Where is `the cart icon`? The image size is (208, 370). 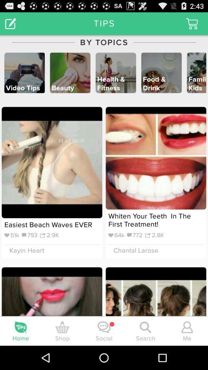
the cart icon is located at coordinates (191, 25).